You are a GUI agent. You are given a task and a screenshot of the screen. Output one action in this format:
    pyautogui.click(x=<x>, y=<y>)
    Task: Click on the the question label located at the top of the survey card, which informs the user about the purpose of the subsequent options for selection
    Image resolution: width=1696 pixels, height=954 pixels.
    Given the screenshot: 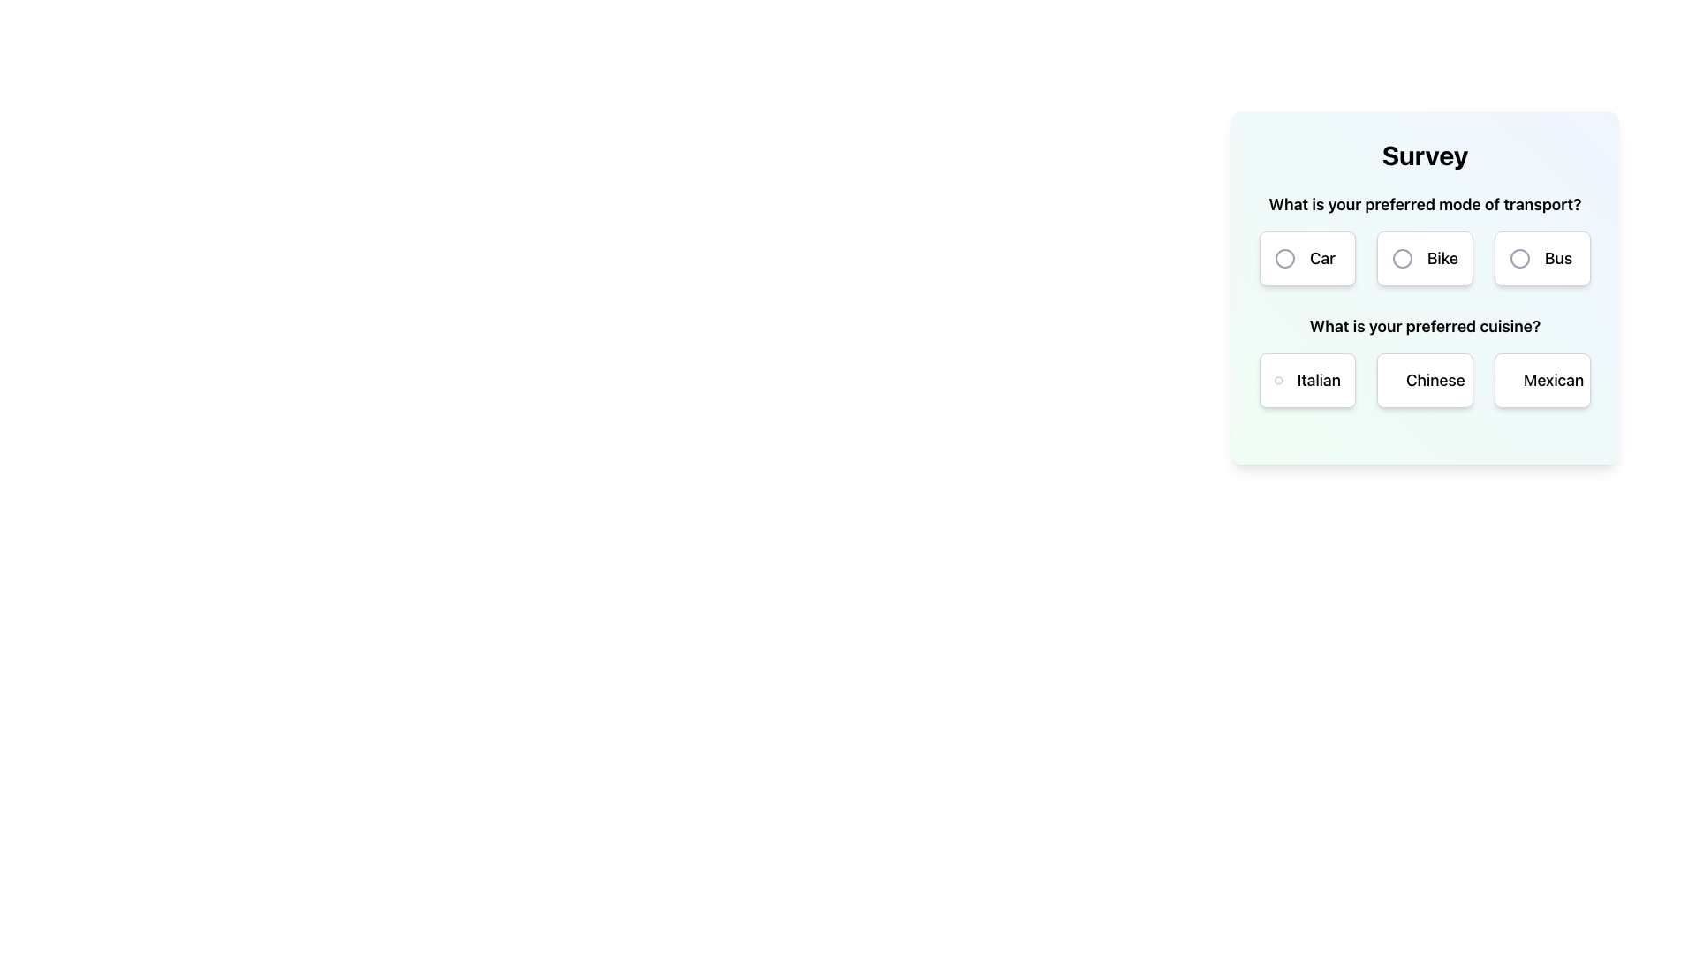 What is the action you would take?
    pyautogui.click(x=1425, y=203)
    